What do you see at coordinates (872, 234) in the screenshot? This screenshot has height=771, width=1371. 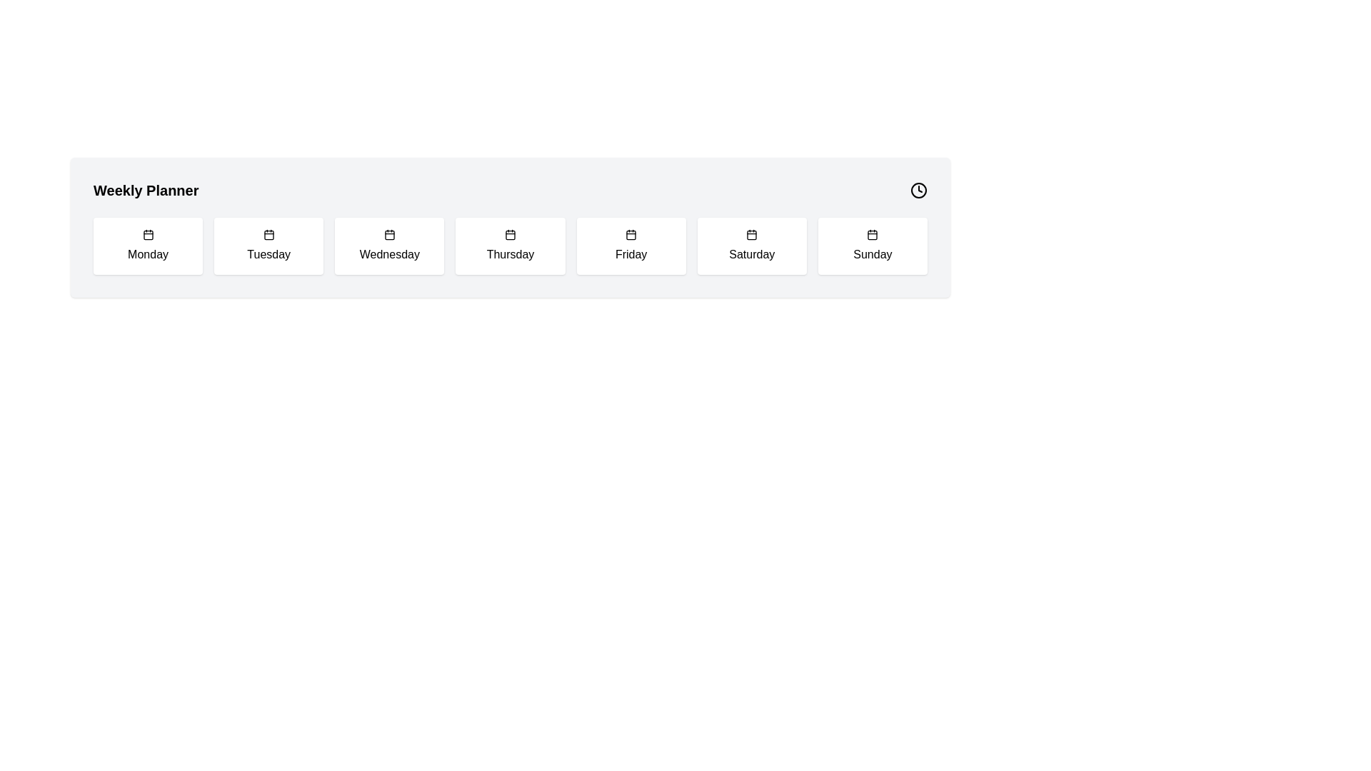 I see `the rectangular calendar icon representing Sunday` at bounding box center [872, 234].